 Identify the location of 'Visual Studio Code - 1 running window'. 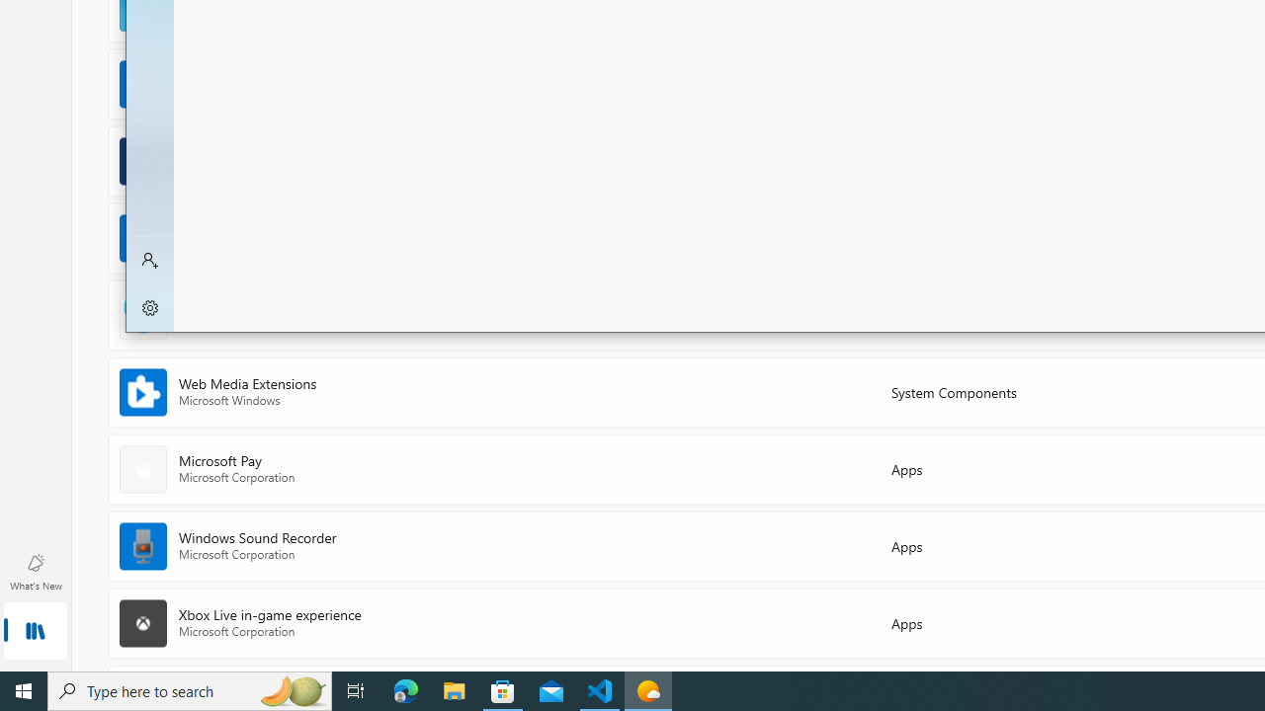
(599, 689).